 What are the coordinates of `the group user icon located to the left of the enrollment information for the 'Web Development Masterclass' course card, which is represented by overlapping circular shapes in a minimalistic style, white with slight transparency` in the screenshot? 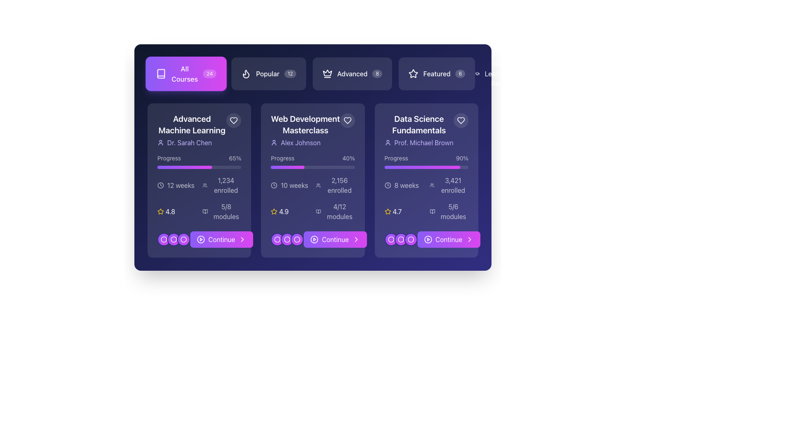 It's located at (318, 185).